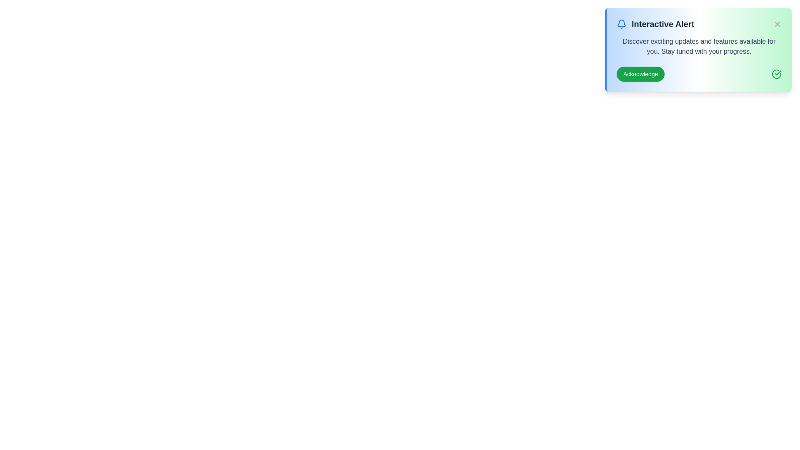 This screenshot has height=450, width=800. What do you see at coordinates (640, 73) in the screenshot?
I see `the 'Acknowledge' button to acknowledge the alert` at bounding box center [640, 73].